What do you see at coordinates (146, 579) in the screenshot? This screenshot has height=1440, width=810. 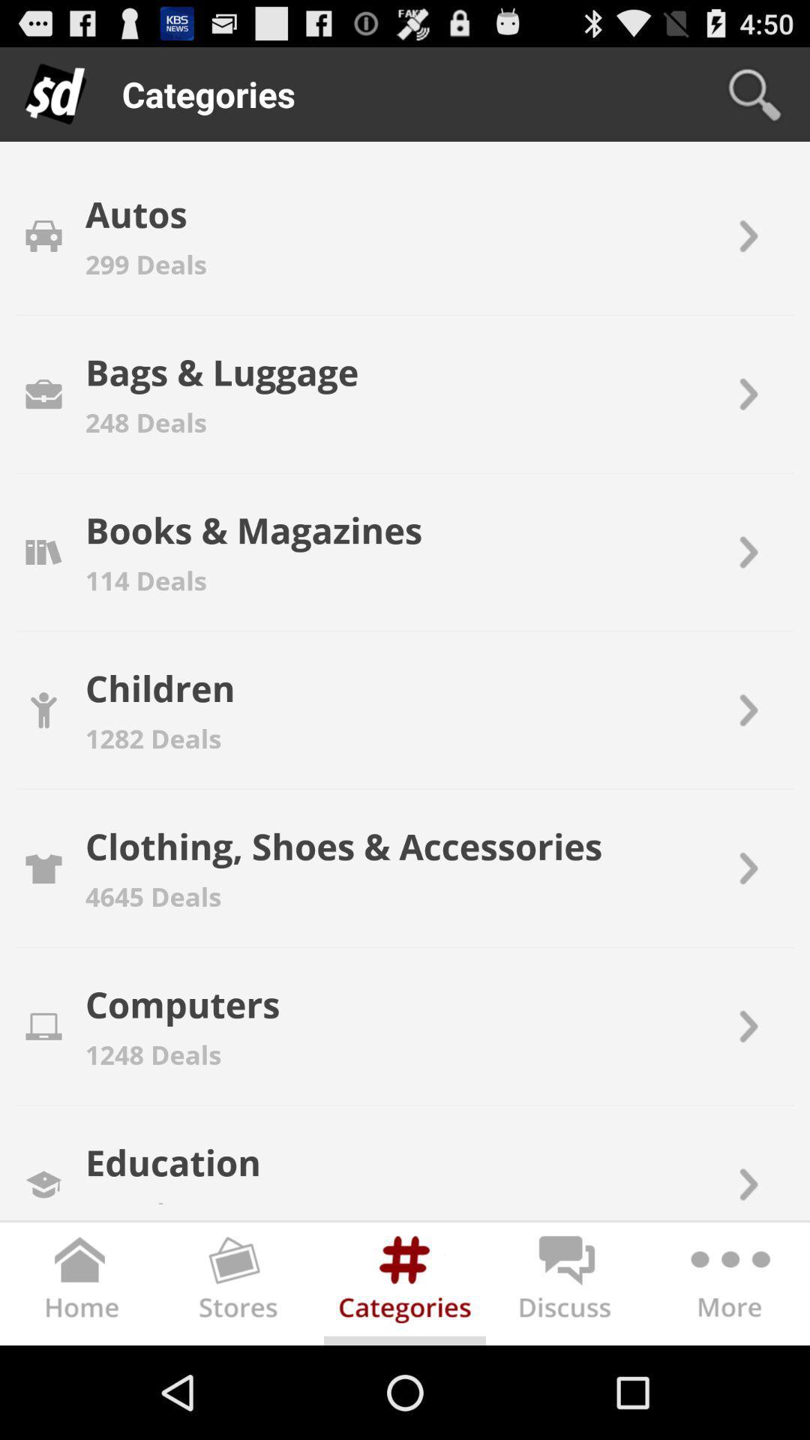 I see `114 deals app` at bounding box center [146, 579].